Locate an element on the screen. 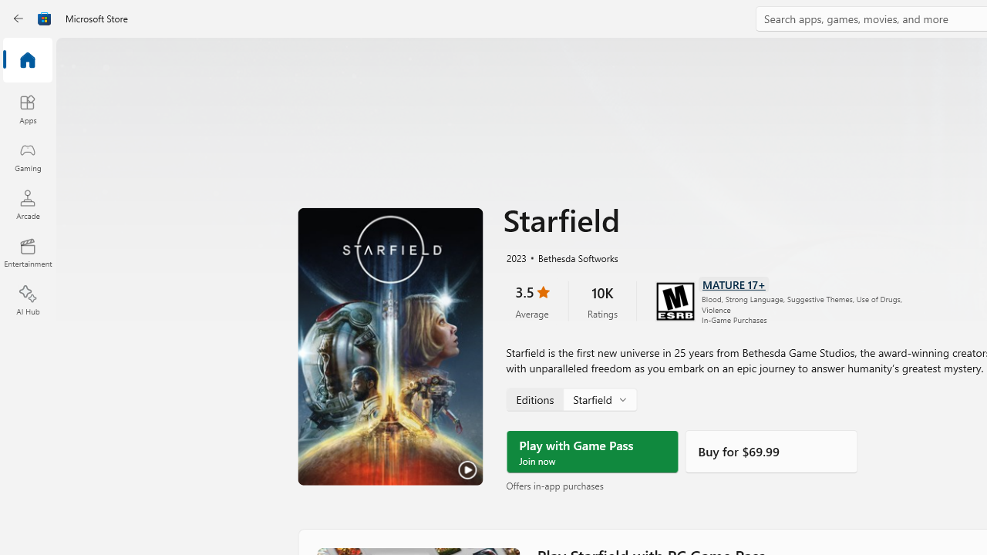 This screenshot has width=987, height=555. 'Buy' is located at coordinates (771, 451).